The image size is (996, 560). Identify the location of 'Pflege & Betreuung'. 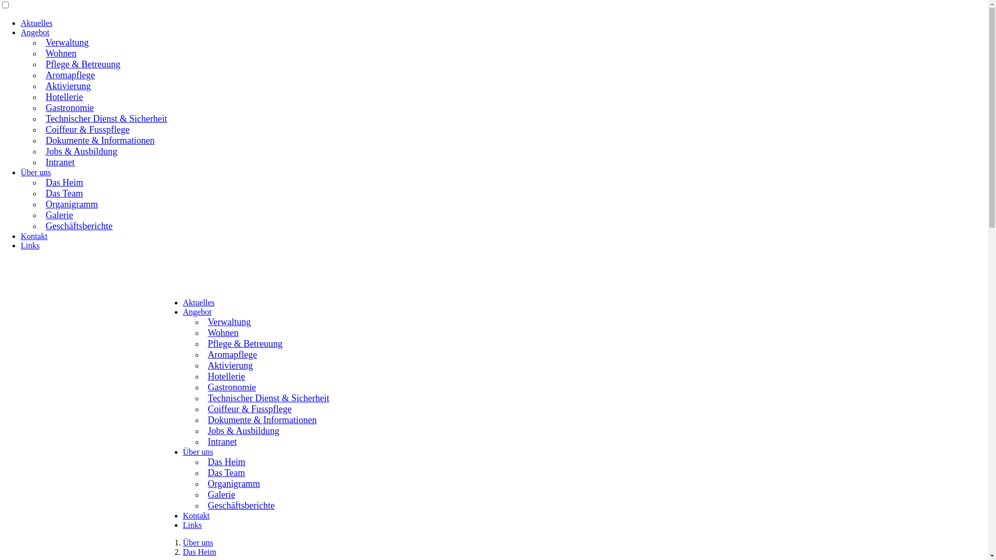
(203, 342).